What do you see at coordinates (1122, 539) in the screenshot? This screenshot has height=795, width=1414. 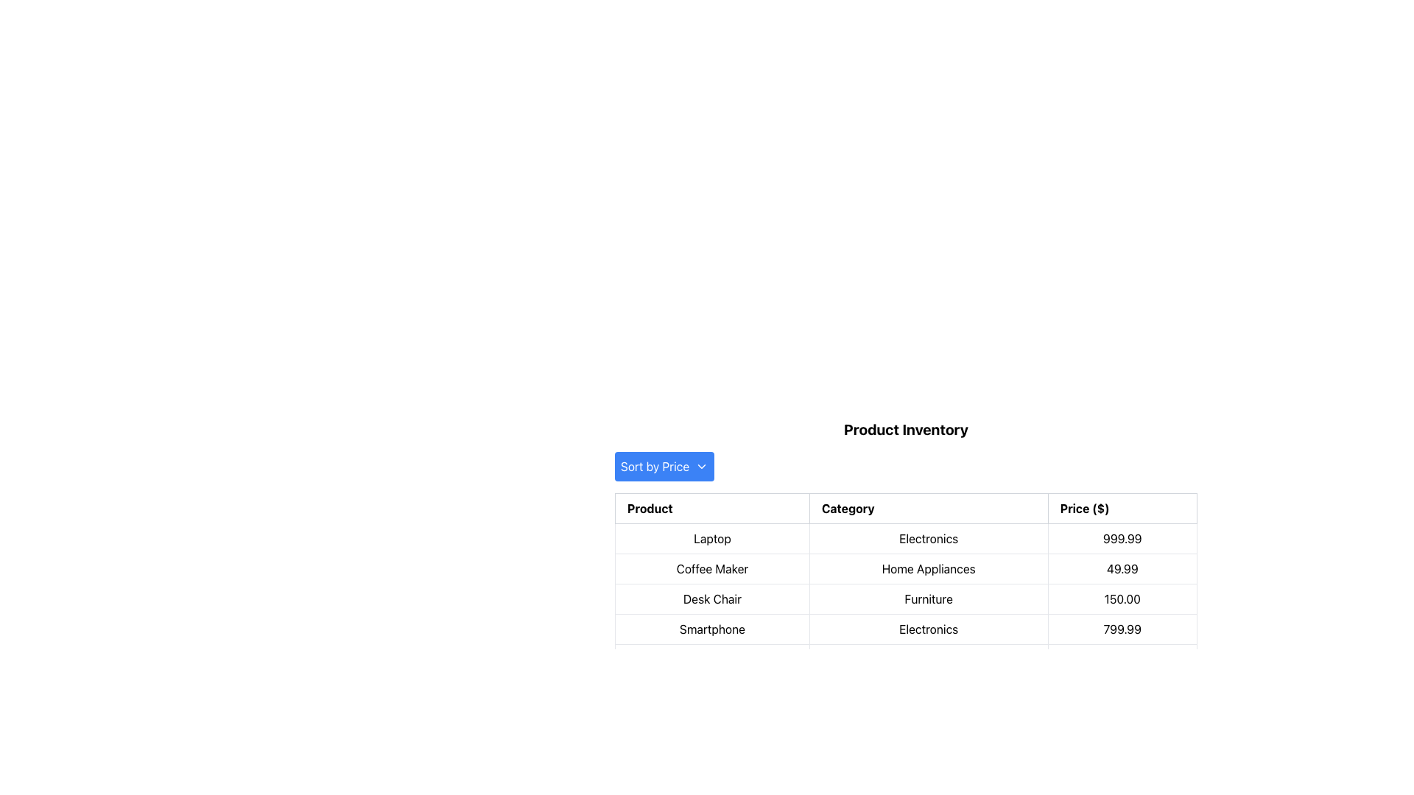 I see `the Static Text displaying the value '999.99' located in the third column of the first row of the table under the 'Price ($)' column alongside the row labeled 'Laptop'` at bounding box center [1122, 539].